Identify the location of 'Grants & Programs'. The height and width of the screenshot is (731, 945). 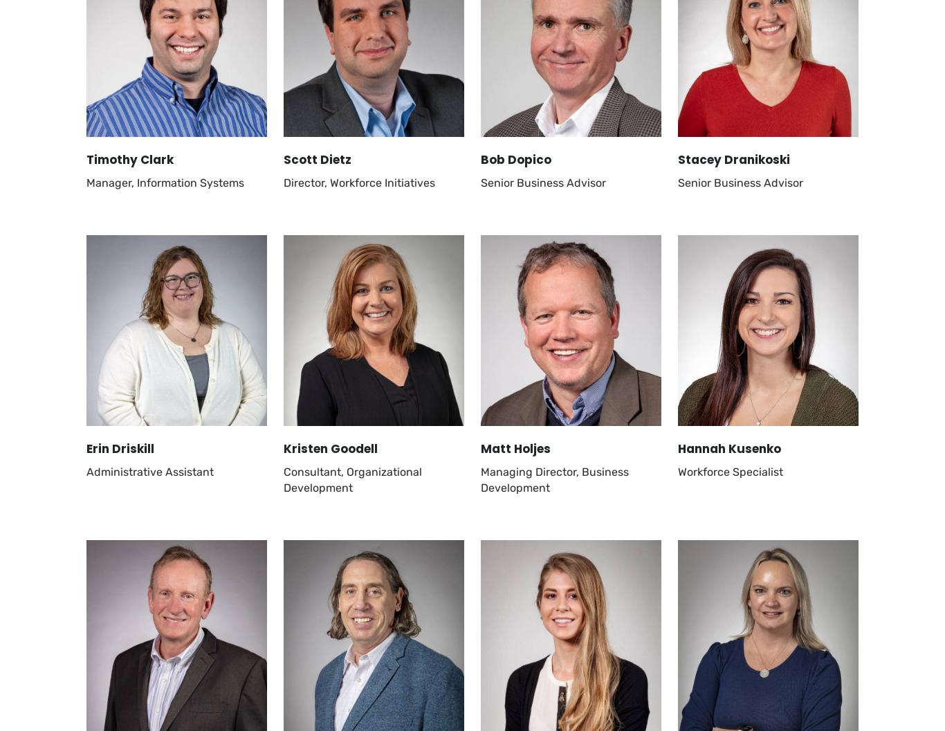
(419, 236).